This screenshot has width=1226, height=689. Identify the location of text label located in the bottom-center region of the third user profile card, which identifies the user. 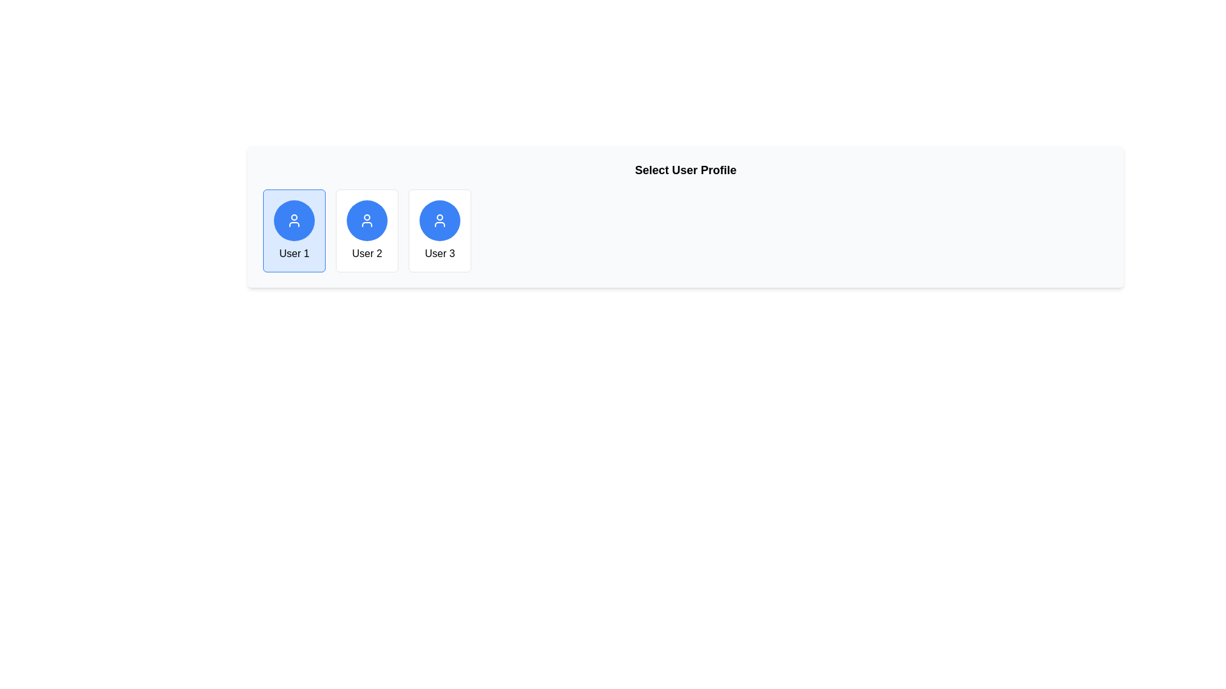
(439, 253).